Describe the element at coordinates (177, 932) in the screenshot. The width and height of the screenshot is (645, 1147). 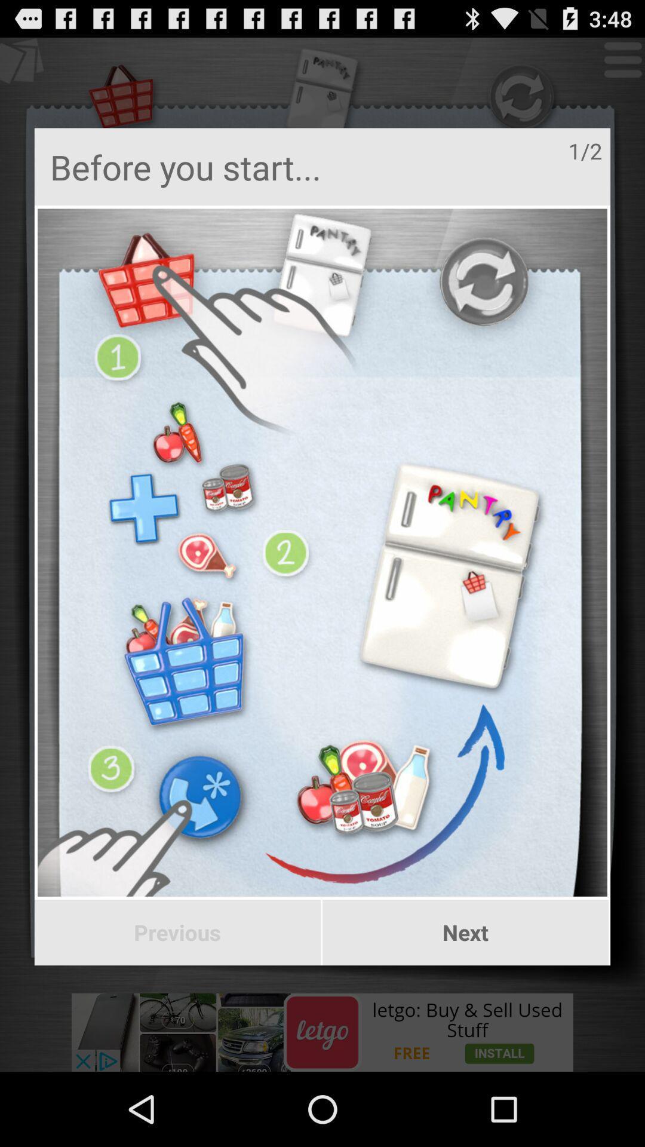
I see `the icon next to the next item` at that location.